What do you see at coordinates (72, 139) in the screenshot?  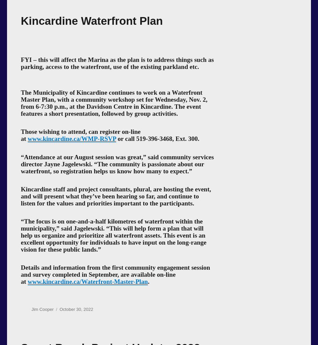 I see `'www.kincardine.ca/WMP-RSVP'` at bounding box center [72, 139].